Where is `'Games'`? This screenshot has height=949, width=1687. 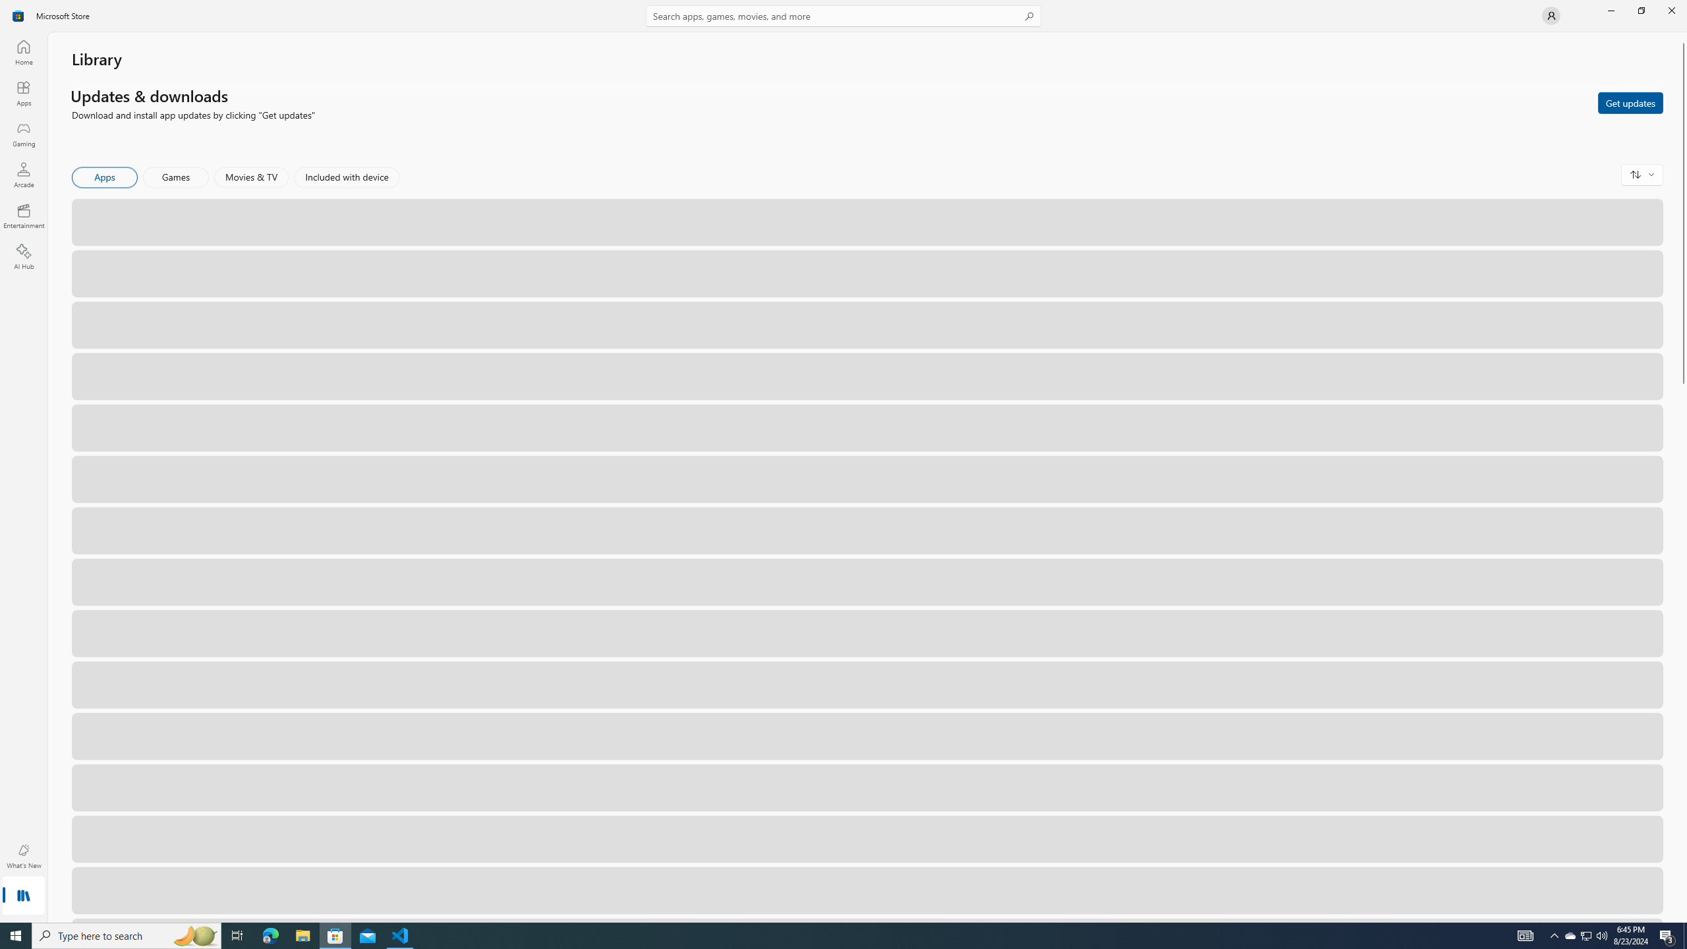
'Games' is located at coordinates (175, 177).